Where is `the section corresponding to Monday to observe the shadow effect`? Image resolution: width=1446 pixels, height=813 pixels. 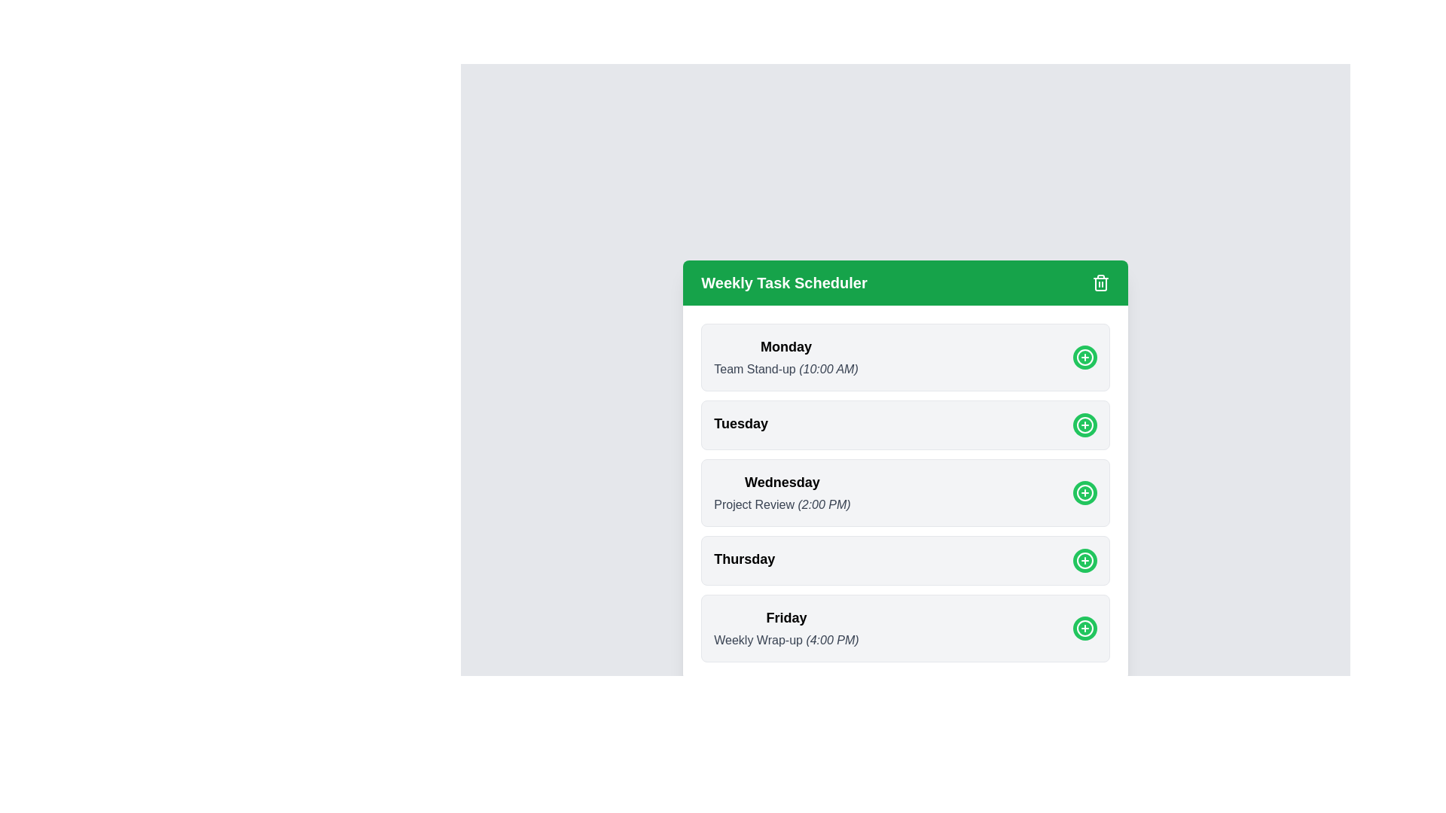 the section corresponding to Monday to observe the shadow effect is located at coordinates (905, 357).